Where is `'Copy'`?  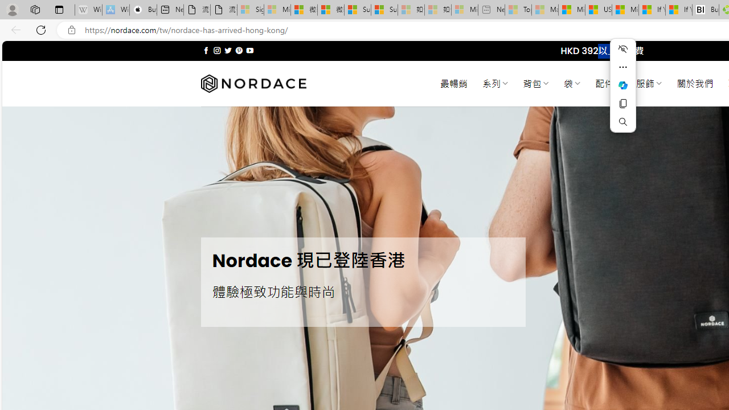
'Copy' is located at coordinates (622, 104).